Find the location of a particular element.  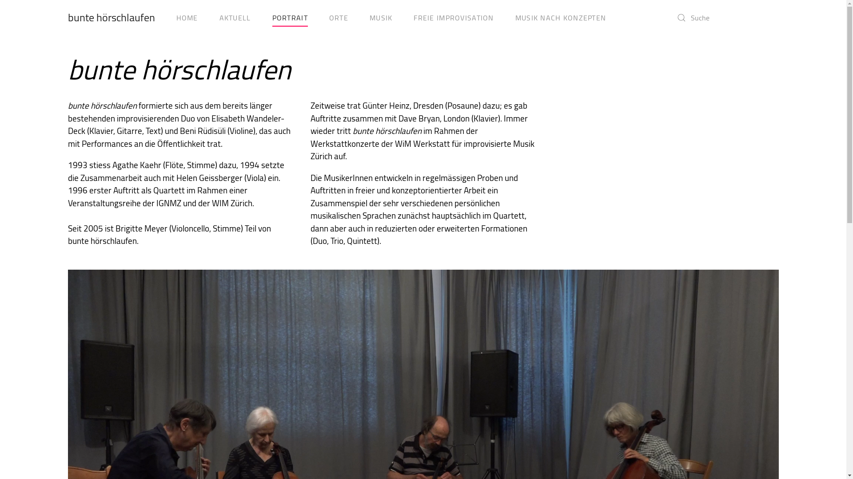

'PORTRAIT' is located at coordinates (290, 17).